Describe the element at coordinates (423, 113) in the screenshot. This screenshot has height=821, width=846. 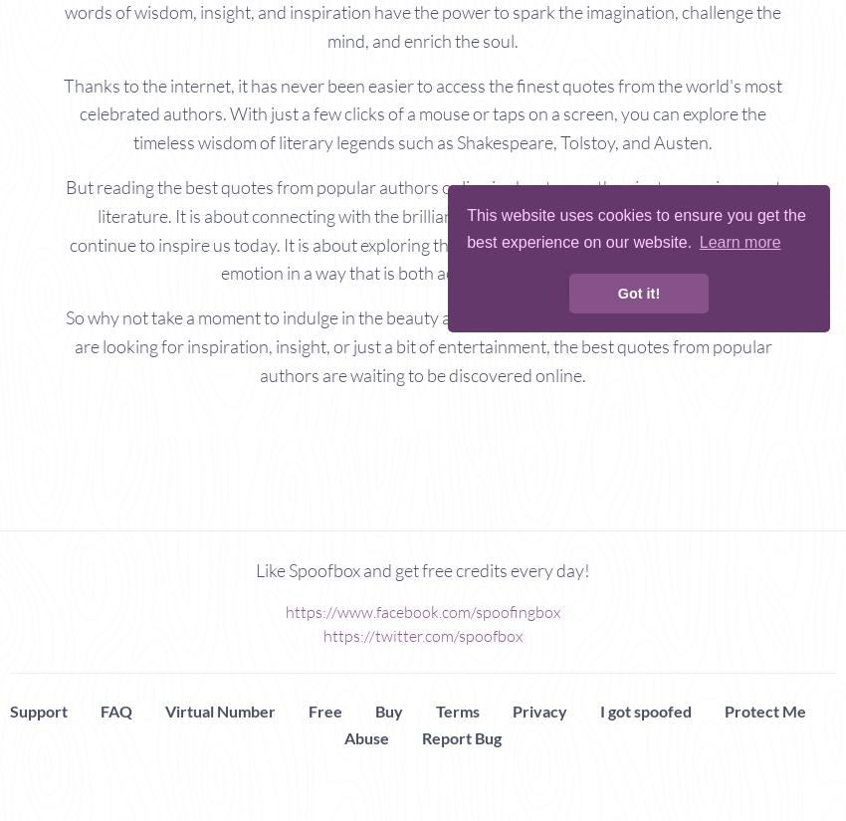
I see `'Thanks to the internet, it has never been easier to access the finest quotes from the world's most celebrated authors. With just a few clicks of a mouse or taps on a screen, you can explore the timeless wisdom of literary legends such as Shakespeare, Tolstoy, and Austen.'` at that location.